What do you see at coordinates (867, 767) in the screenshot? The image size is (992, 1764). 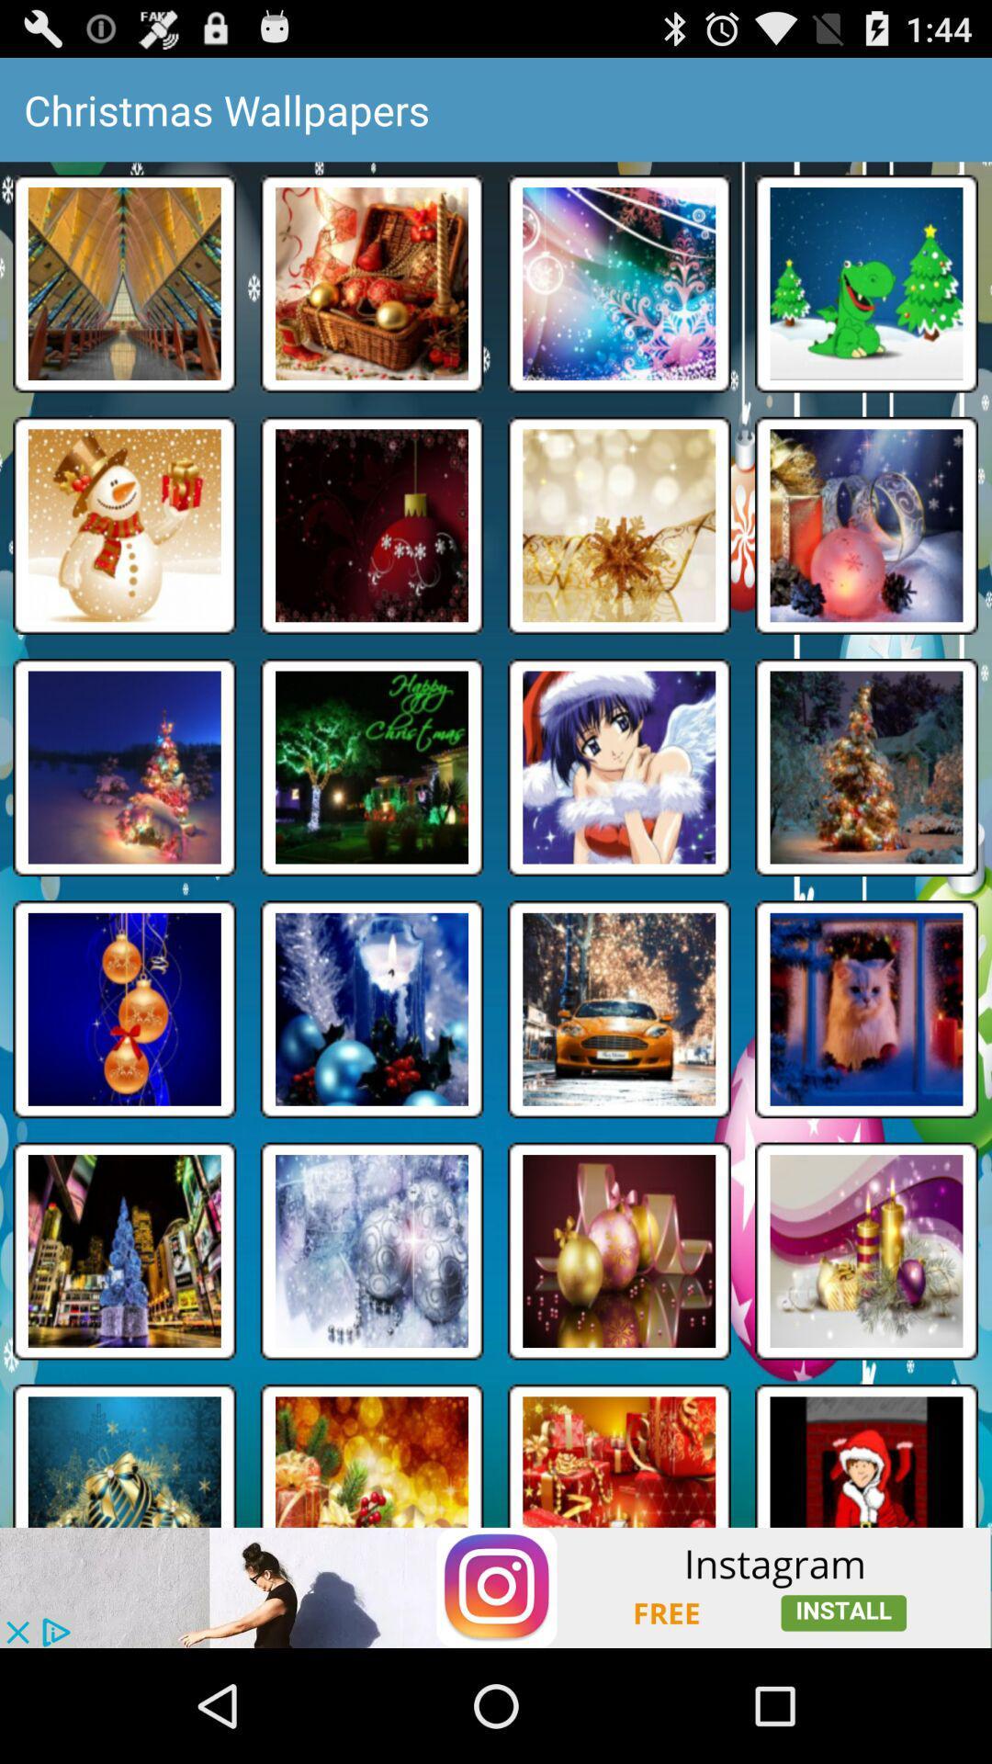 I see `the third row fourth image` at bounding box center [867, 767].